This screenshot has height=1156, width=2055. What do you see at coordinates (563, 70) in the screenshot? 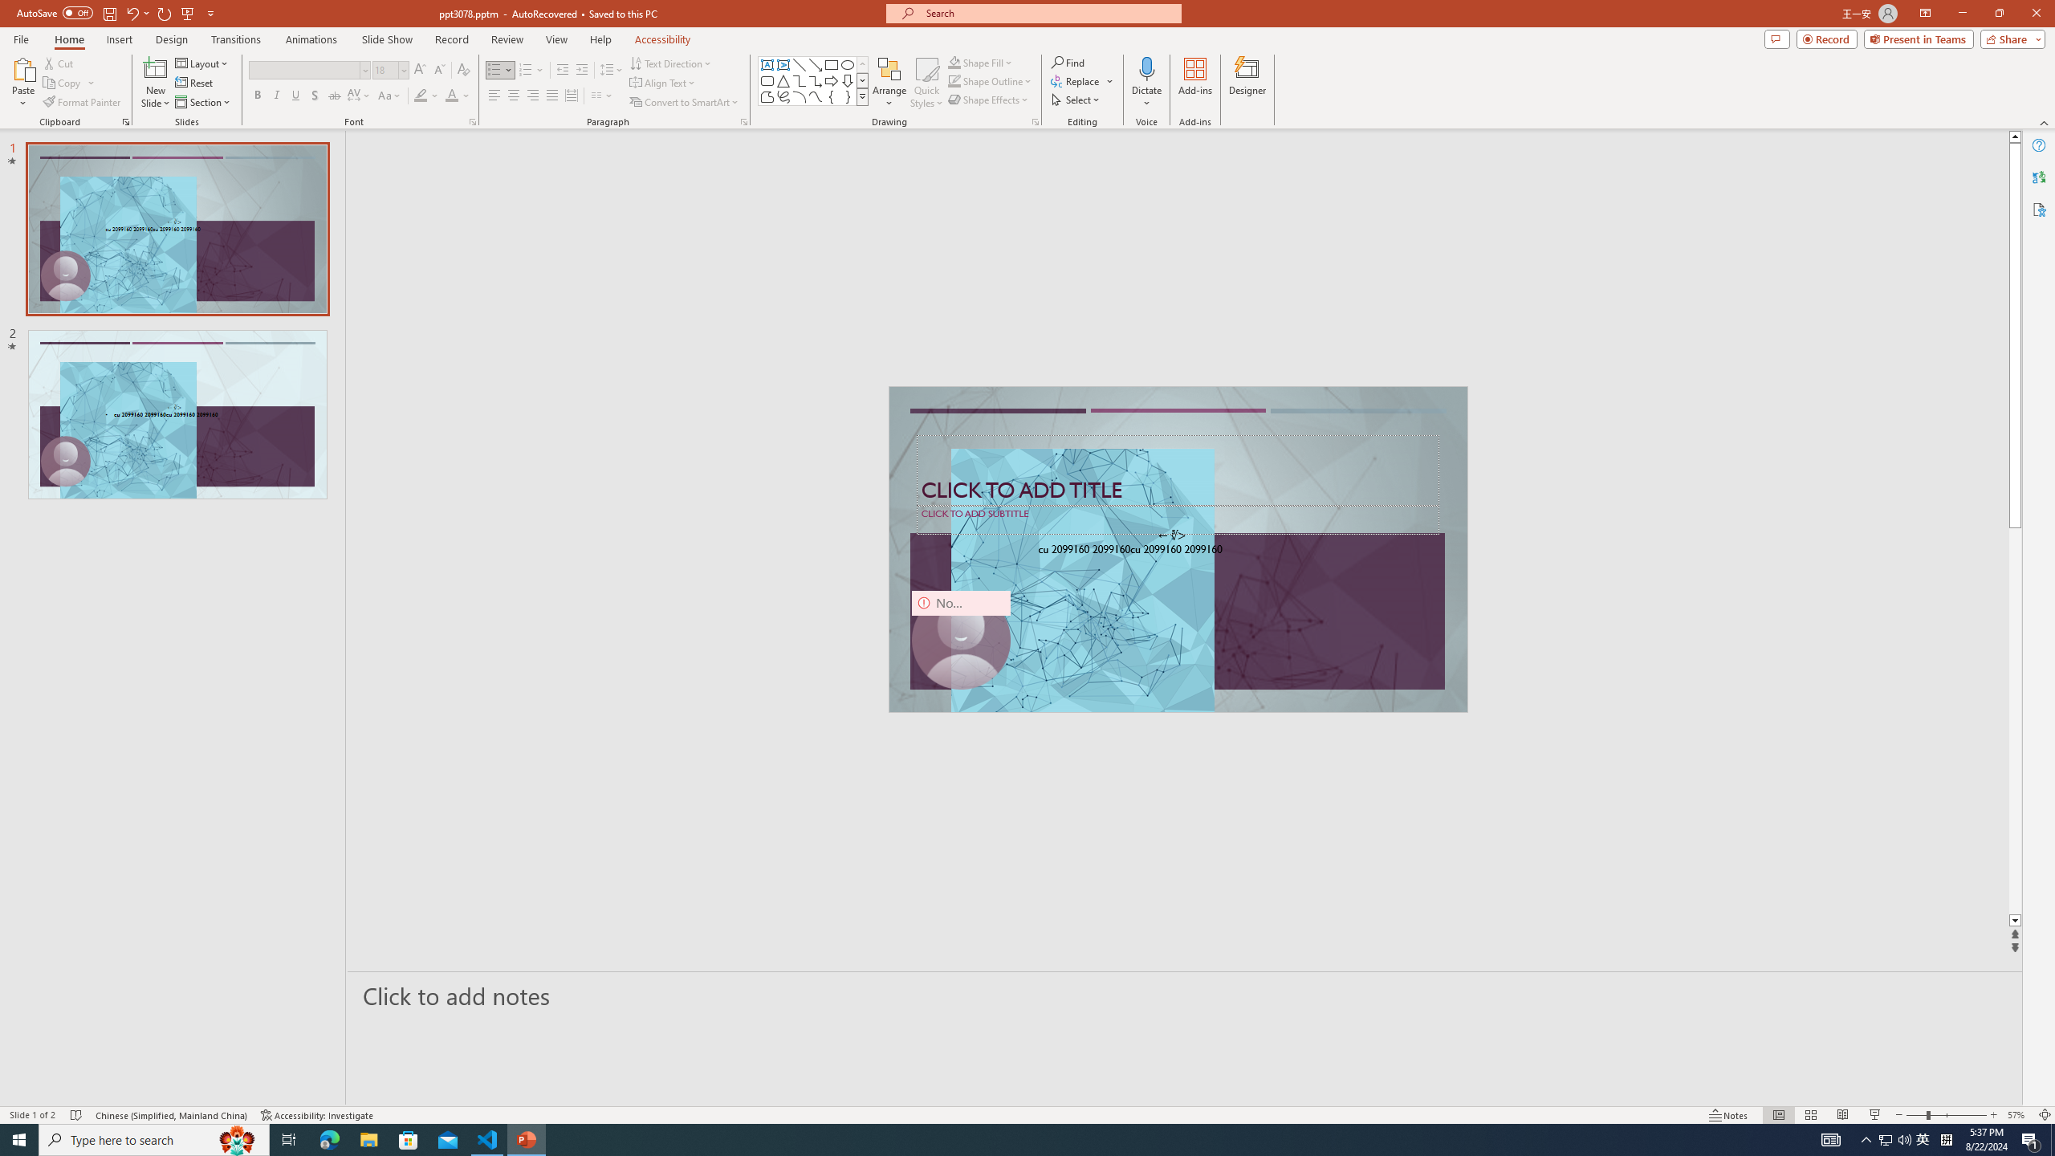
I see `'Decrease Indent'` at bounding box center [563, 70].